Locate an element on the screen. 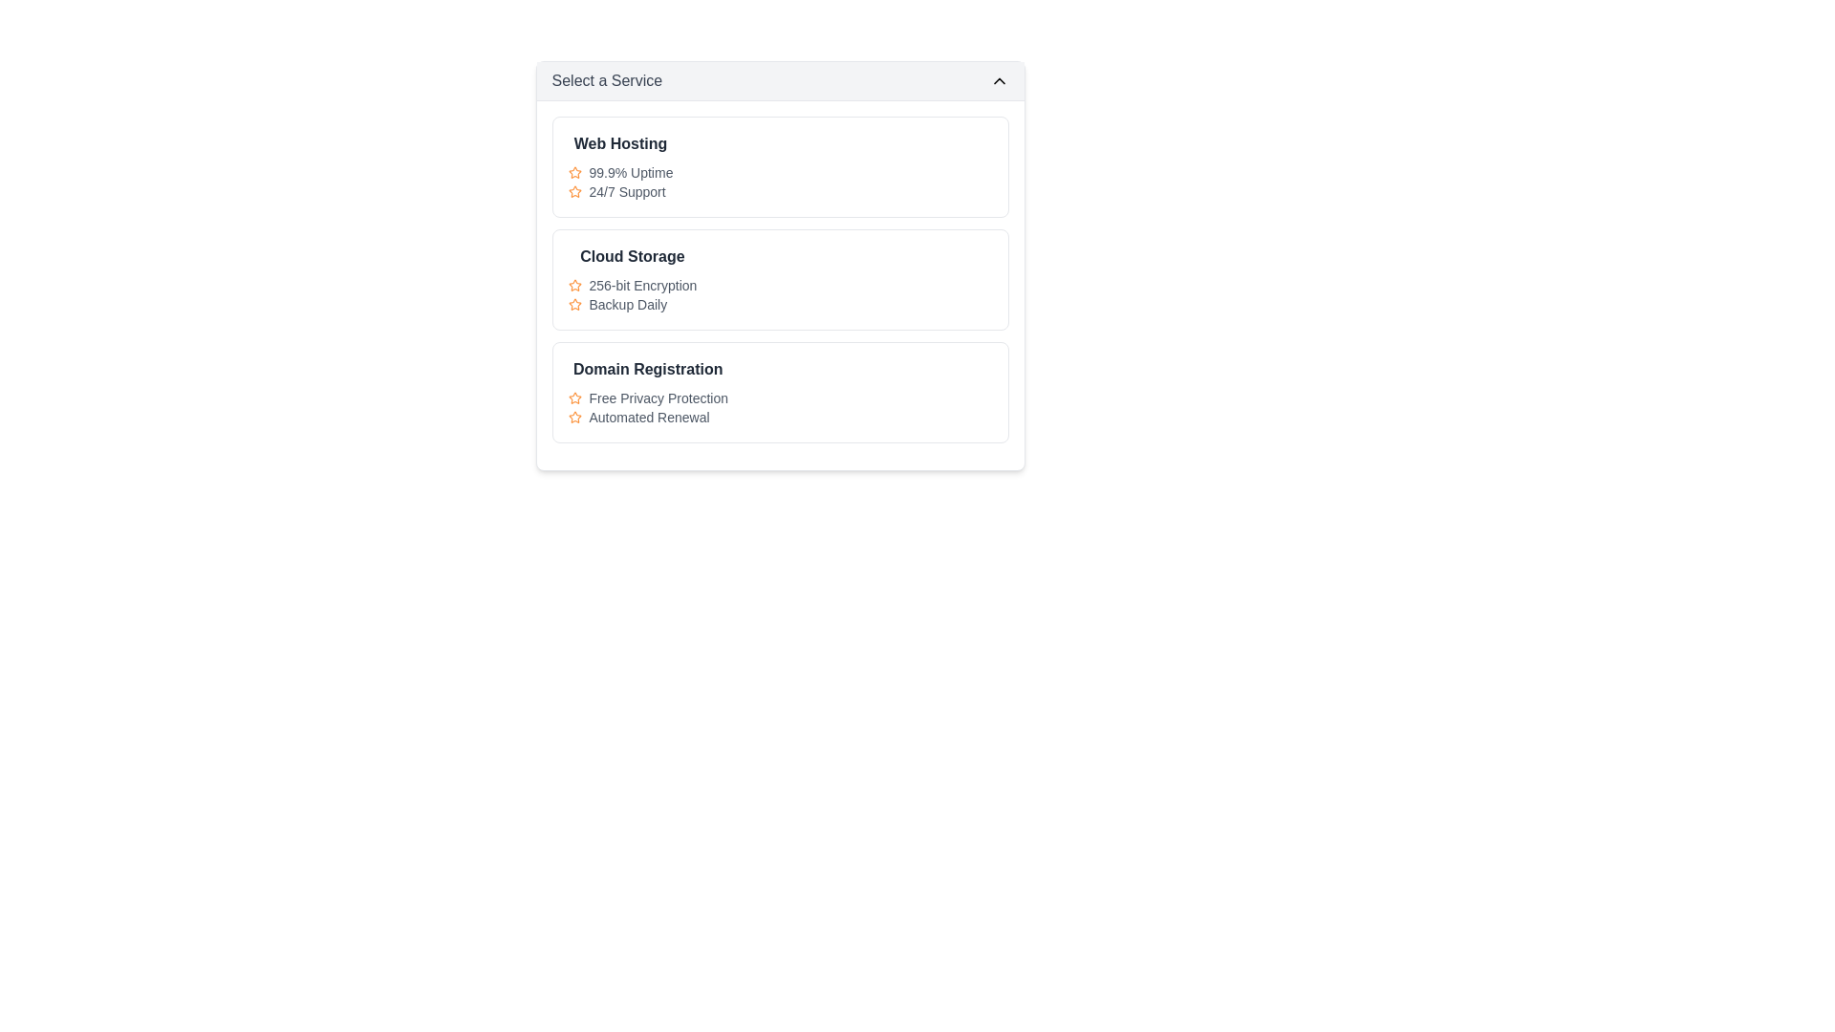  the Text block with icons under the 'Domain Registration' heading, which includes descriptions for 'Free Privacy Protection' and 'Automated Renewal', to inspect its details is located at coordinates (648, 392).